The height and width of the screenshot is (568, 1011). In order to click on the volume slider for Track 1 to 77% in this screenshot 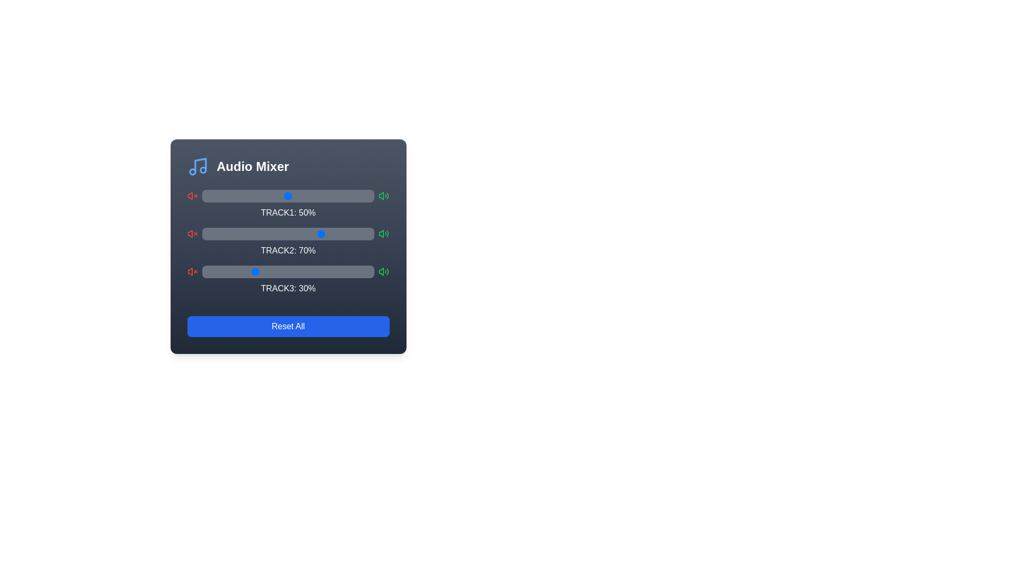, I will do `click(334, 196)`.